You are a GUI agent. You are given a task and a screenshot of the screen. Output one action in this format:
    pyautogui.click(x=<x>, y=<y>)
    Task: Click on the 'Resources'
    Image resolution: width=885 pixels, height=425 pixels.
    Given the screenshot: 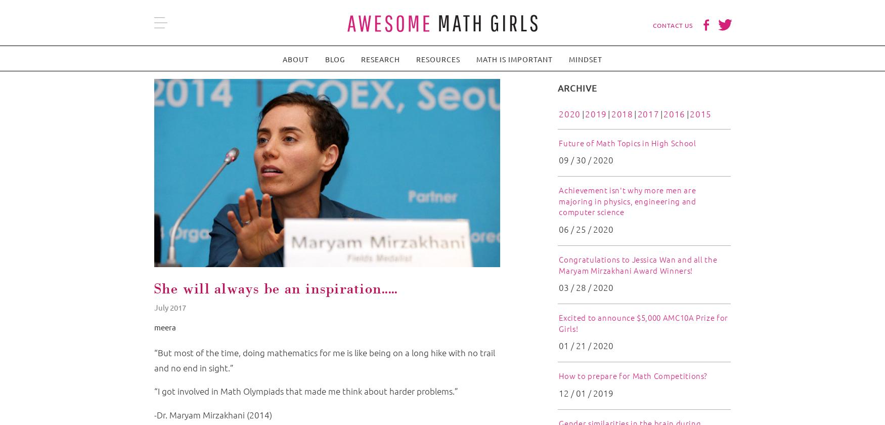 What is the action you would take?
    pyautogui.click(x=438, y=59)
    